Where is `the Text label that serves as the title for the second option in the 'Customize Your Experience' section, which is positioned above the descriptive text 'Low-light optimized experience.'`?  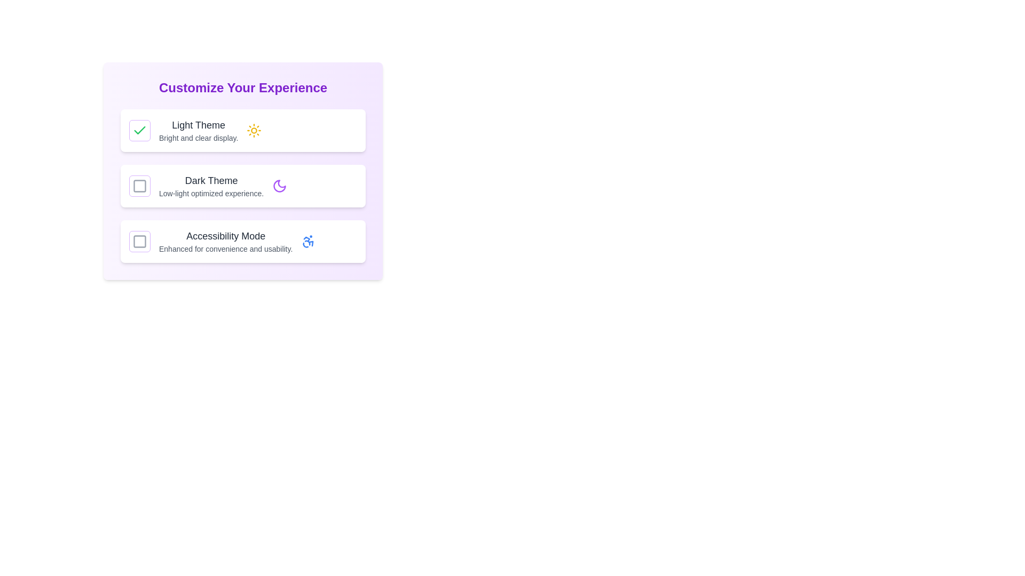
the Text label that serves as the title for the second option in the 'Customize Your Experience' section, which is positioned above the descriptive text 'Low-light optimized experience.' is located at coordinates (211, 180).